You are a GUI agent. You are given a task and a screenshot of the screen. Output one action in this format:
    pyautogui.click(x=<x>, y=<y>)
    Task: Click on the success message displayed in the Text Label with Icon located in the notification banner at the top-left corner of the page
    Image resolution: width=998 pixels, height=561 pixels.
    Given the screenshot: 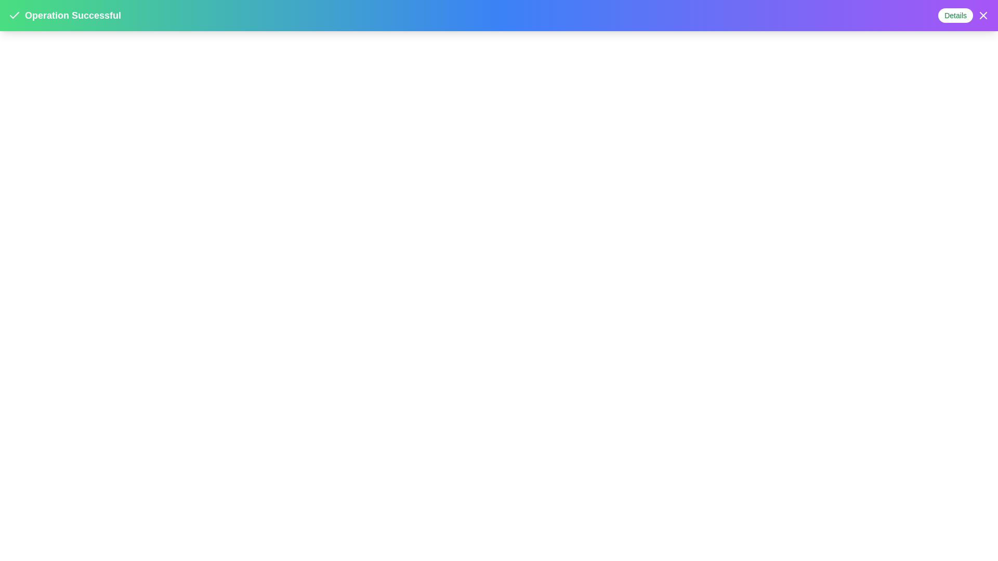 What is the action you would take?
    pyautogui.click(x=64, y=16)
    